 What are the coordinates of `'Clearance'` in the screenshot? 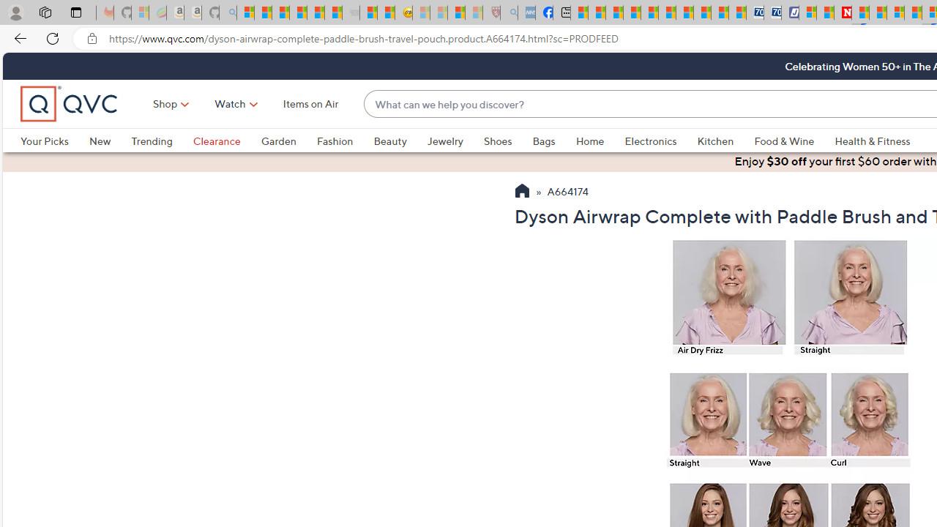 It's located at (215, 141).